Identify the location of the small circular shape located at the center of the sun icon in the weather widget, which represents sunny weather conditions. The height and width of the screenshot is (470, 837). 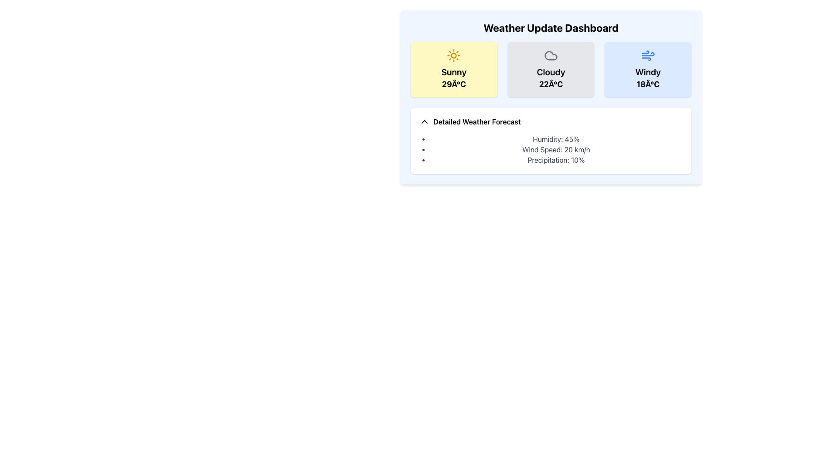
(453, 55).